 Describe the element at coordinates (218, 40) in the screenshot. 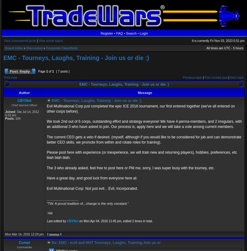

I see `'It is currently Fri Nov 03, 2023 5:51 pm'` at that location.